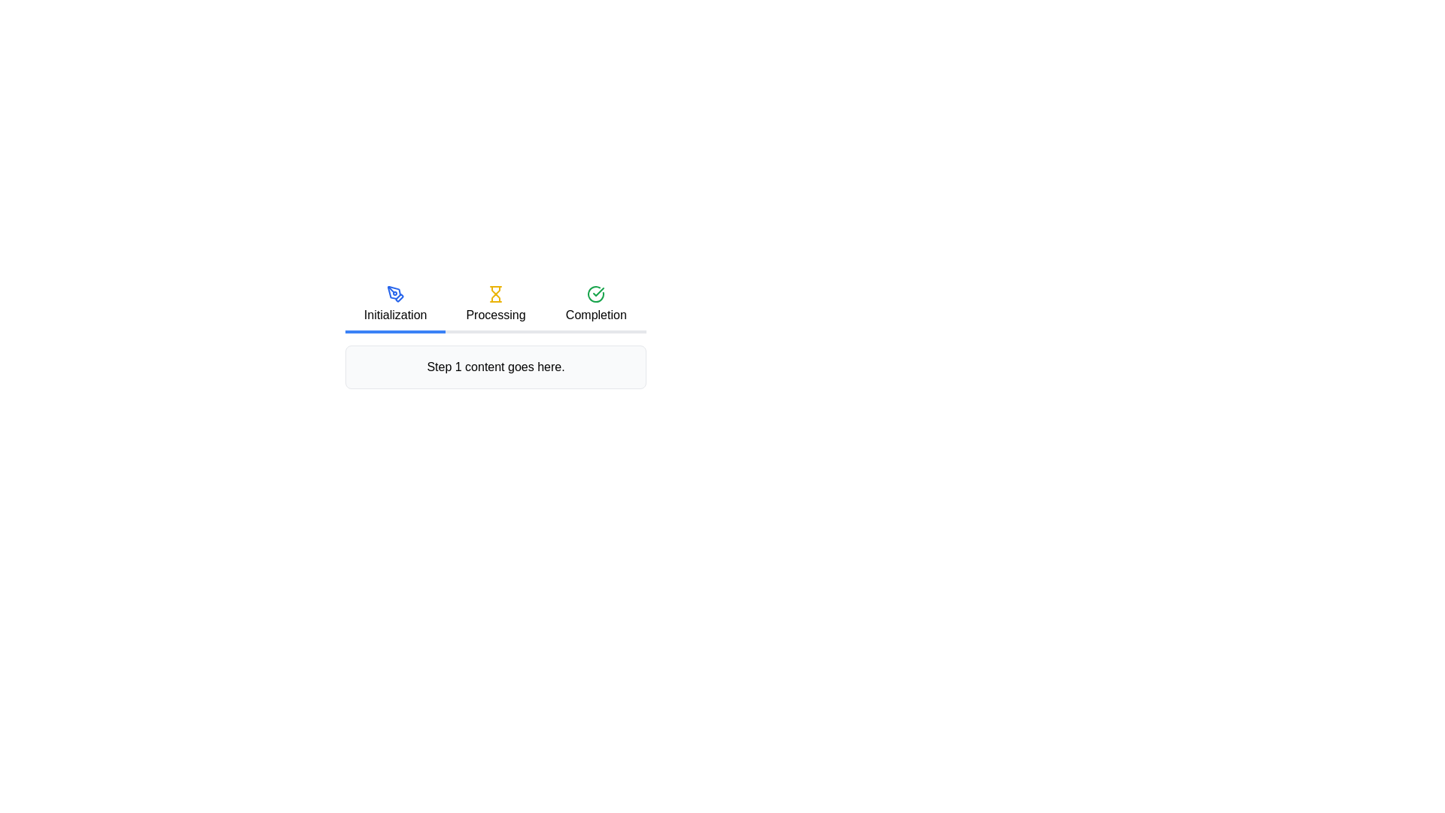  What do you see at coordinates (595, 294) in the screenshot?
I see `the circular icon with a green border and a checkmark inside, located above the text 'Completion' in the step indicator group` at bounding box center [595, 294].